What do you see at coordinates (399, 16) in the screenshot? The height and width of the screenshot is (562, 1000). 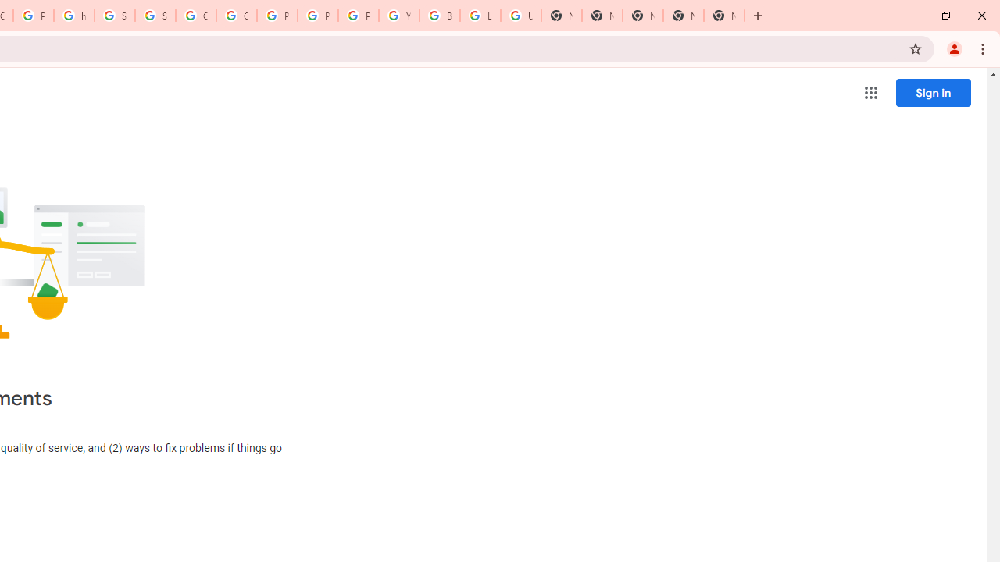 I see `'YouTube'` at bounding box center [399, 16].